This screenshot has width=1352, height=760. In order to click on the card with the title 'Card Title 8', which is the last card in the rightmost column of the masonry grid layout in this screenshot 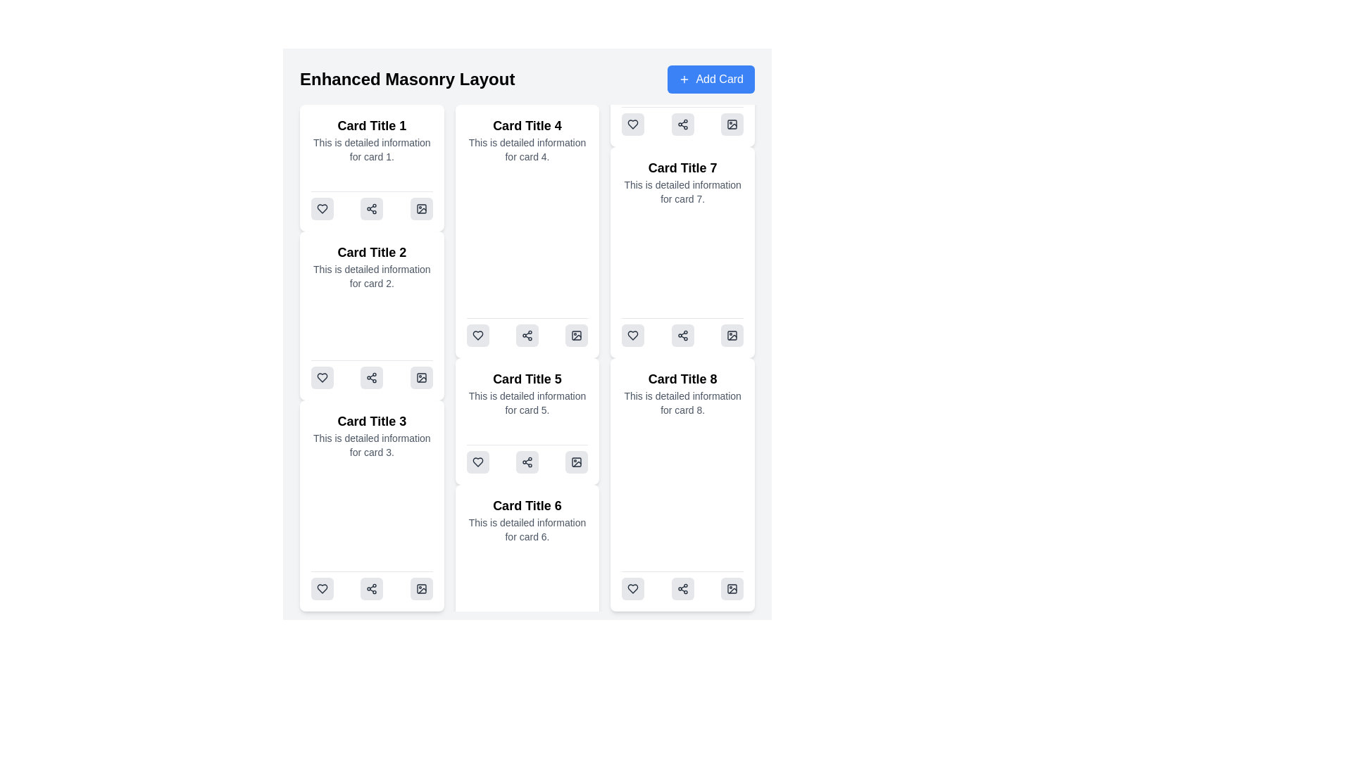, I will do `click(682, 484)`.